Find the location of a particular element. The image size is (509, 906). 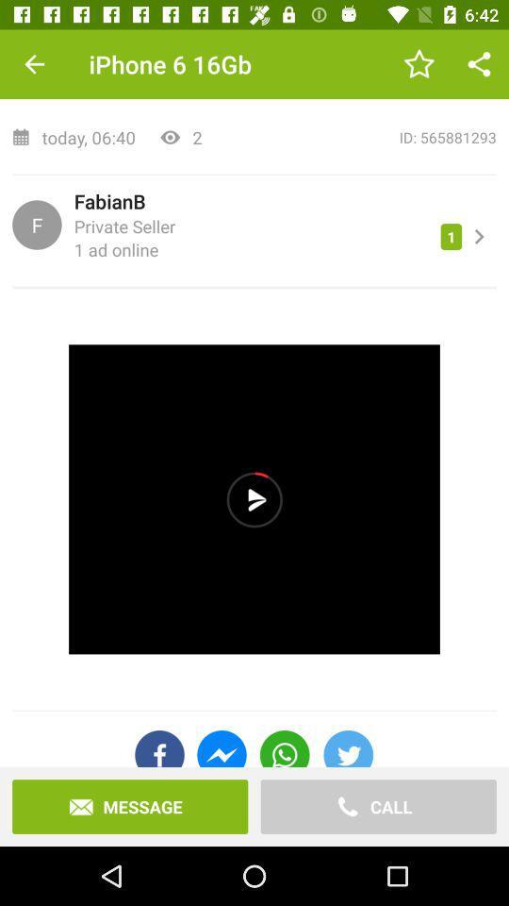

the id: 565881293 is located at coordinates (355, 136).